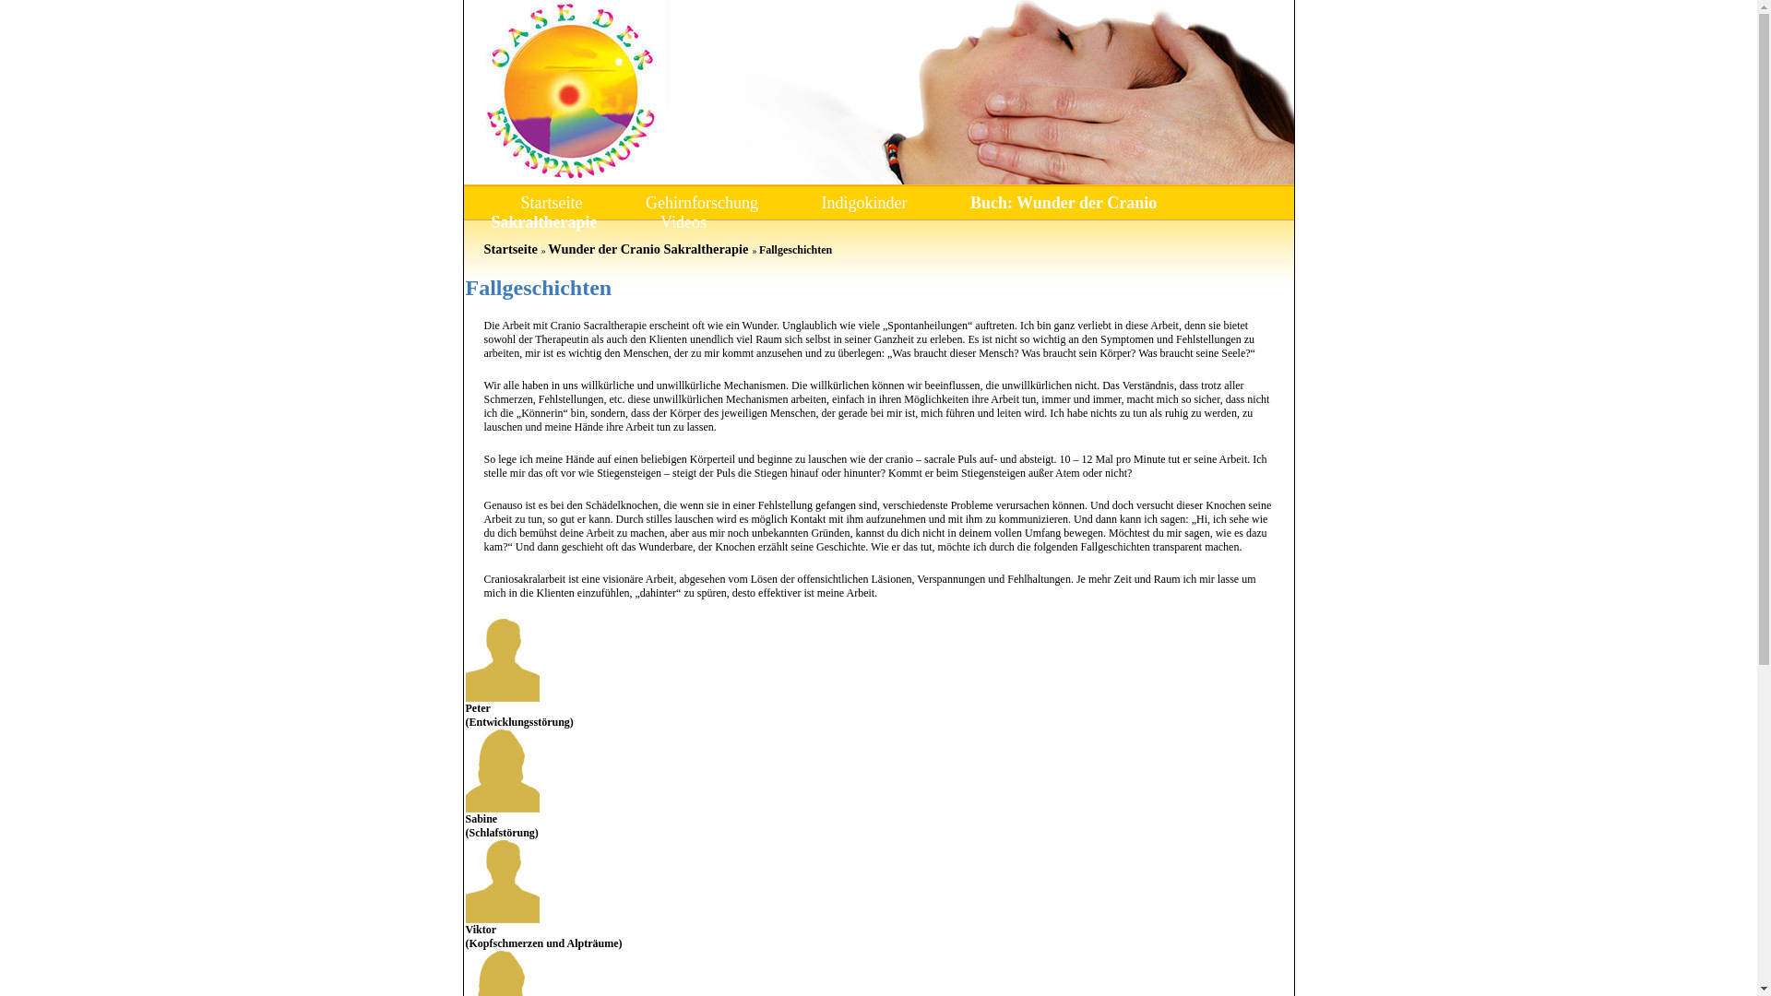 Image resolution: width=1771 pixels, height=996 pixels. I want to click on 'Gehirnforschung', so click(701, 202).